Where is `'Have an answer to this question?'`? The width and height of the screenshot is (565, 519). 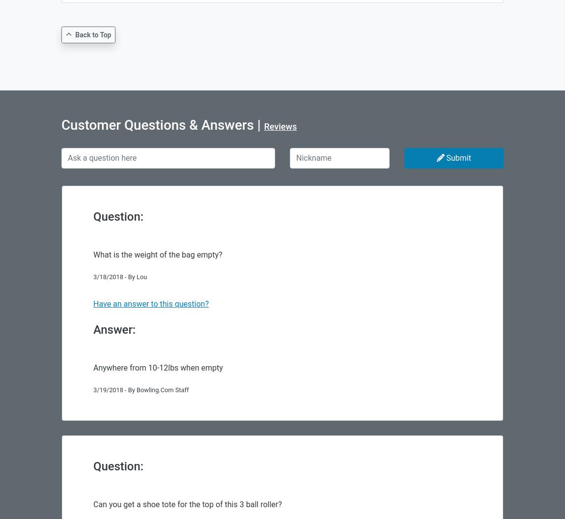
'Have an answer to this question?' is located at coordinates (151, 303).